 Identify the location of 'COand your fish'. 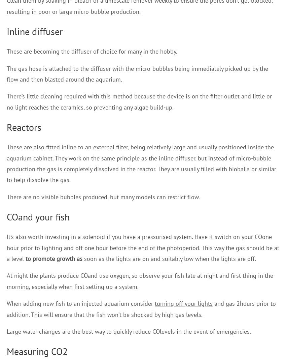
(38, 217).